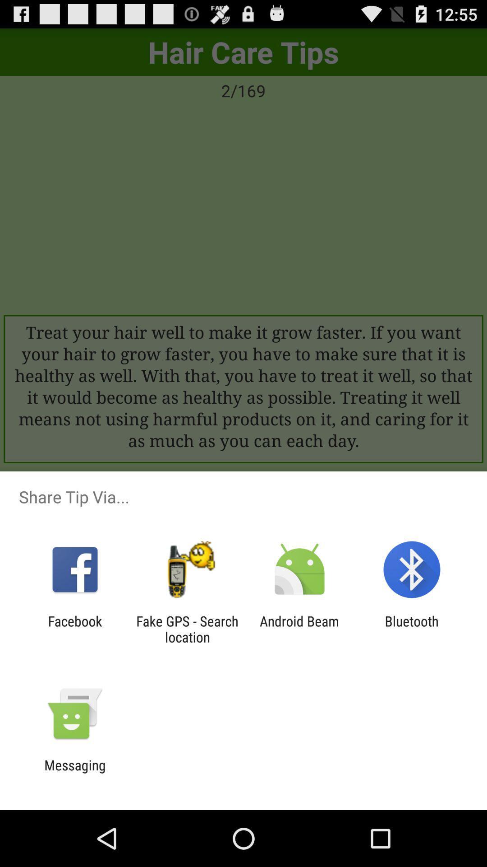  Describe the element at coordinates (299, 629) in the screenshot. I see `app to the left of bluetooth item` at that location.